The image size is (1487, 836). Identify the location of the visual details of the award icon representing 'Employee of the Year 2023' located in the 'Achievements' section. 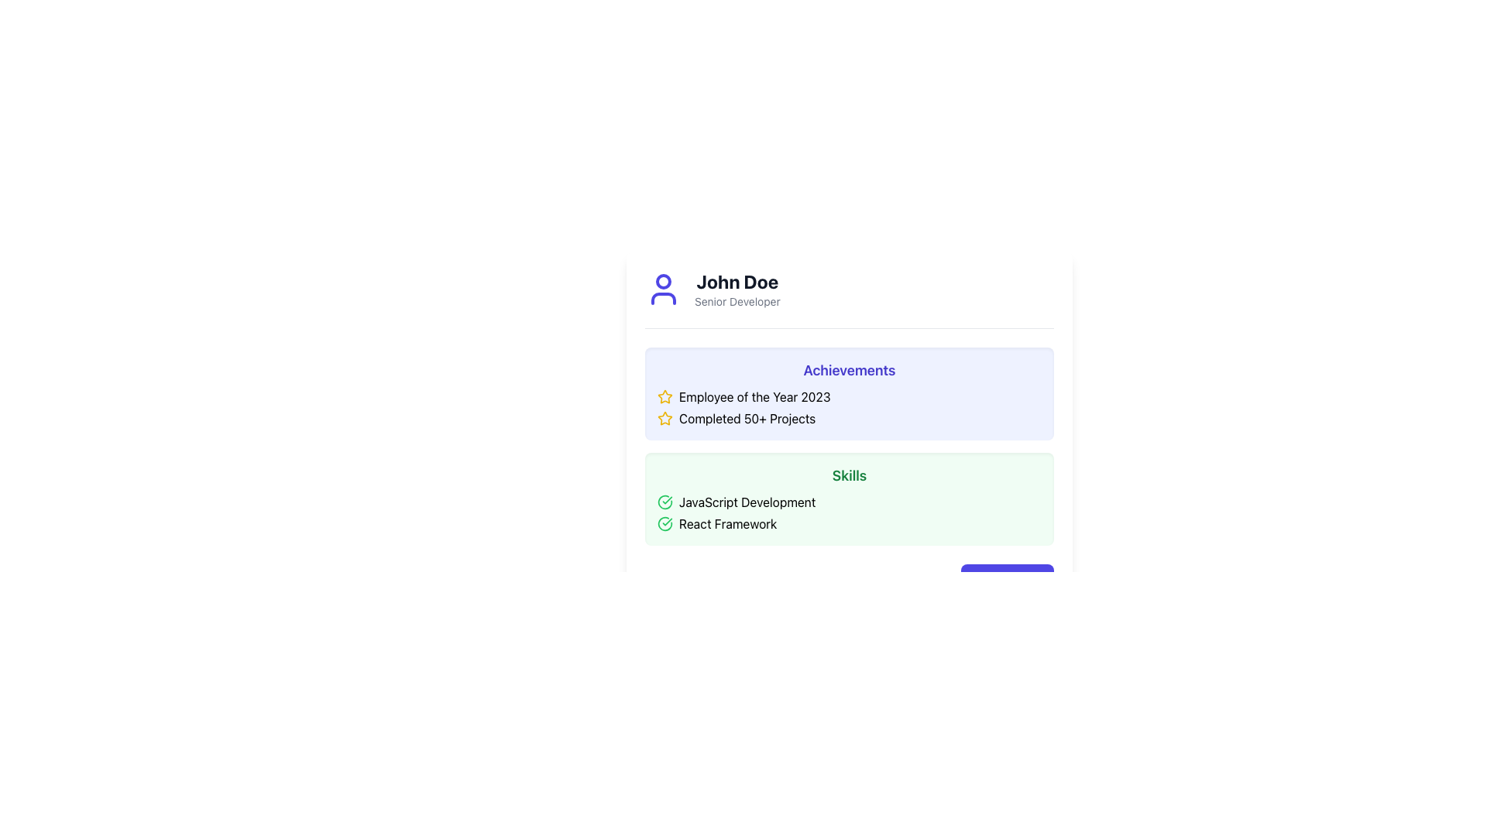
(665, 396).